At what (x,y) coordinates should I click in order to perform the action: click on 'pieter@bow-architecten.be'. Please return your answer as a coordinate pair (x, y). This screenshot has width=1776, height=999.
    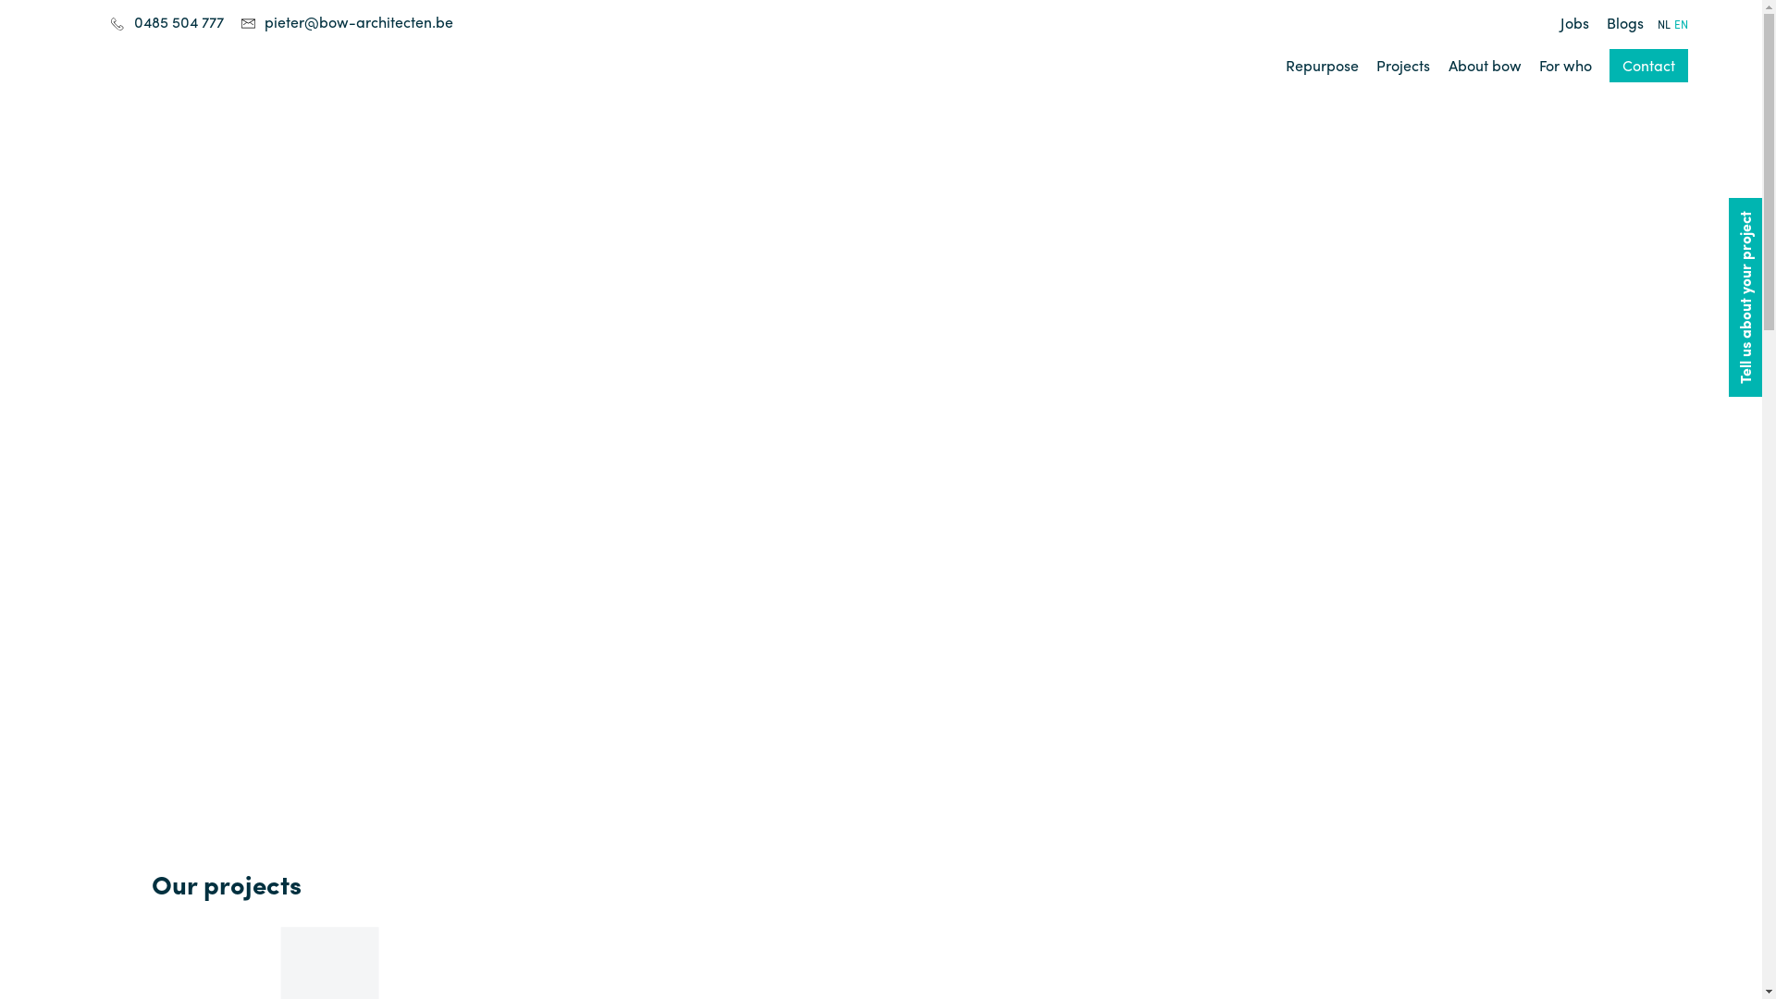
    Looking at the image, I should click on (264, 21).